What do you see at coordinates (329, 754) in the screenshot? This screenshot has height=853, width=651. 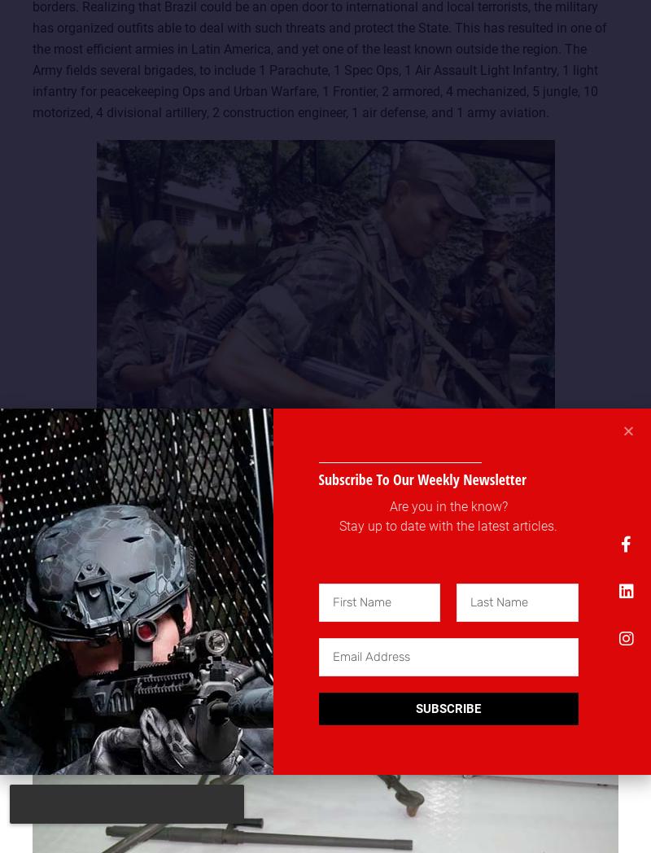 I see `'.'` at bounding box center [329, 754].